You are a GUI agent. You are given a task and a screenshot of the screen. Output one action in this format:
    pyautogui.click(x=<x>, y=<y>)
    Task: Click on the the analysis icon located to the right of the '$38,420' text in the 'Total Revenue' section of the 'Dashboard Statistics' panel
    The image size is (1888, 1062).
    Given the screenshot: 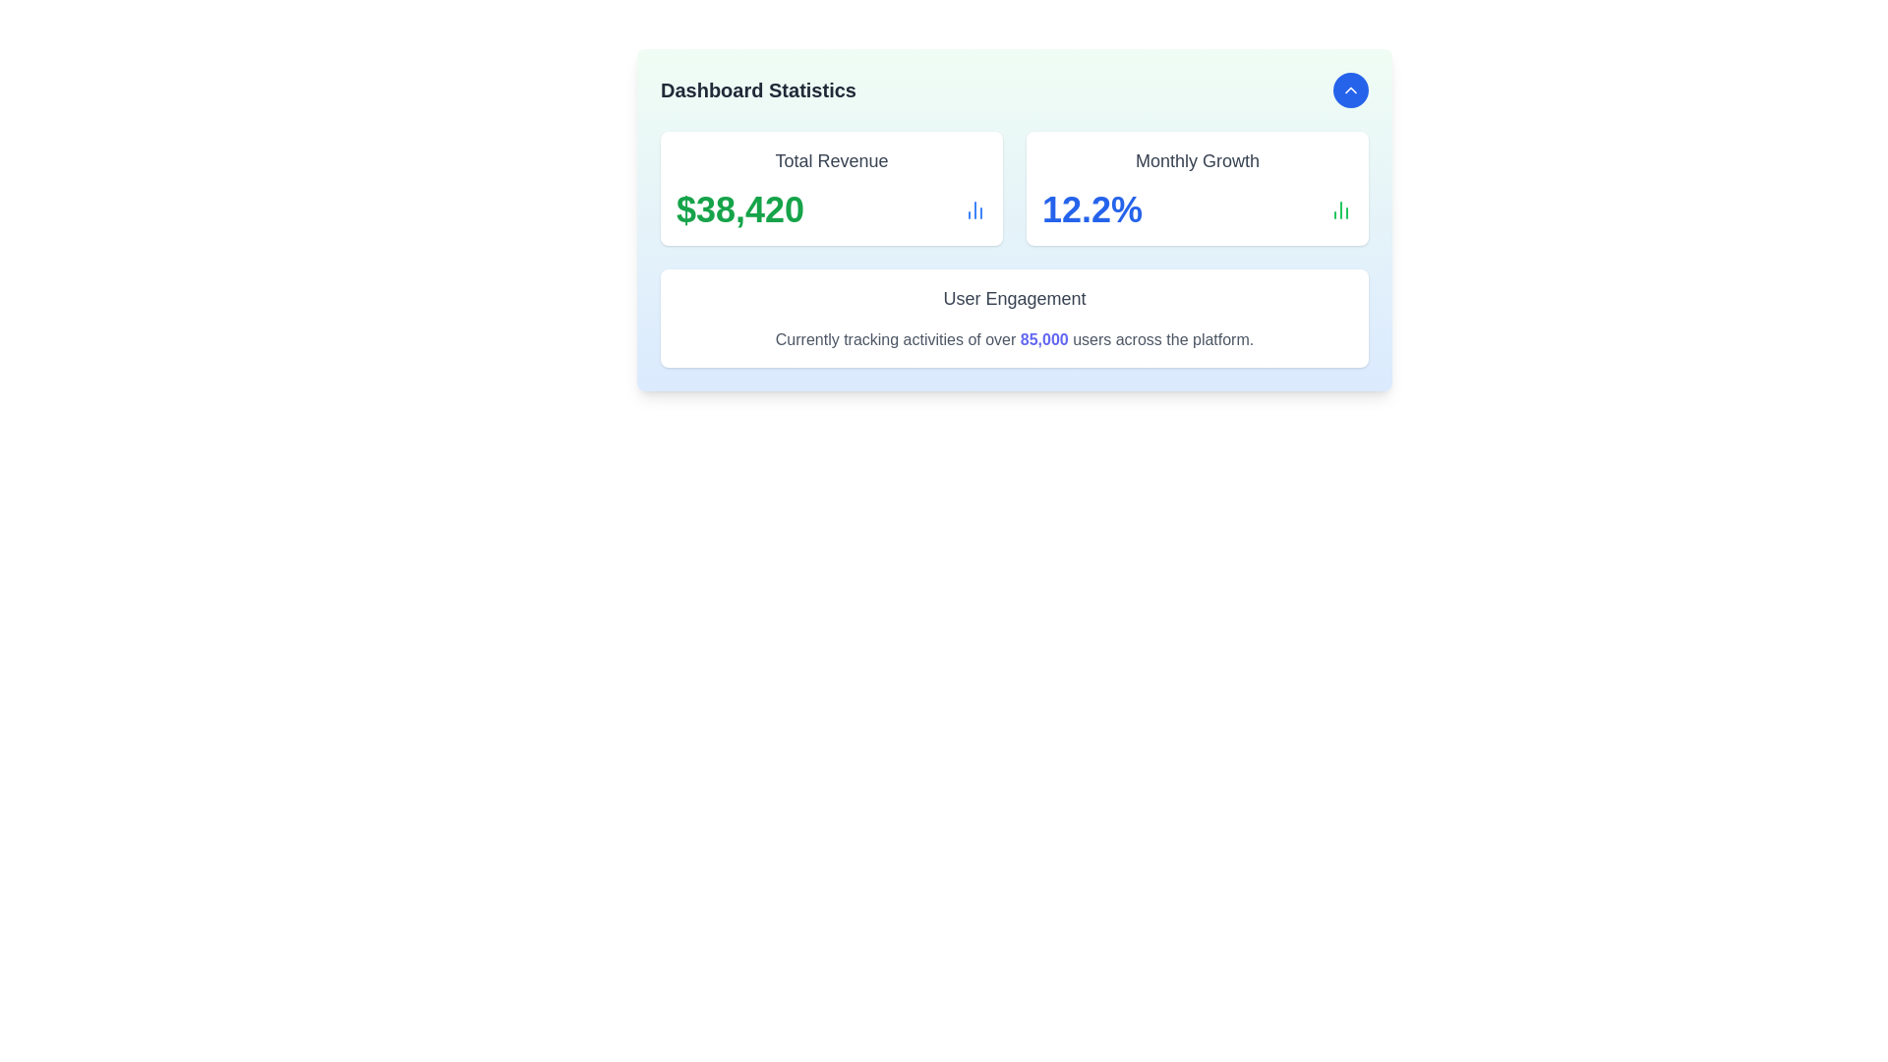 What is the action you would take?
    pyautogui.click(x=975, y=209)
    